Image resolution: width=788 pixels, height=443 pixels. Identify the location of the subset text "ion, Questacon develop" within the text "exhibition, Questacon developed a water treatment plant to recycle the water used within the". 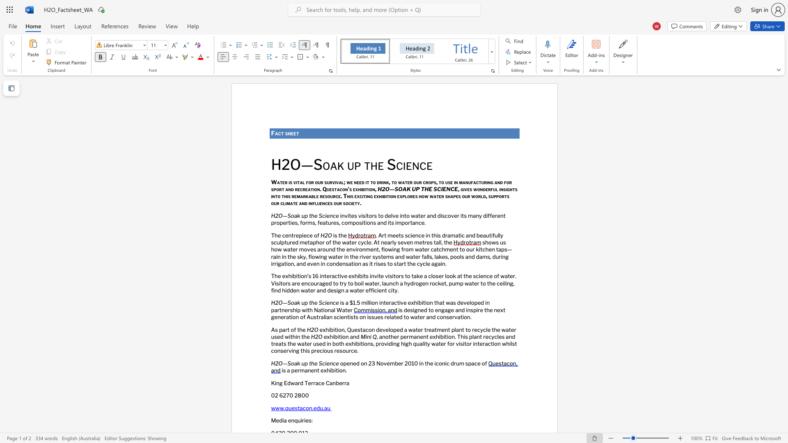
(337, 329).